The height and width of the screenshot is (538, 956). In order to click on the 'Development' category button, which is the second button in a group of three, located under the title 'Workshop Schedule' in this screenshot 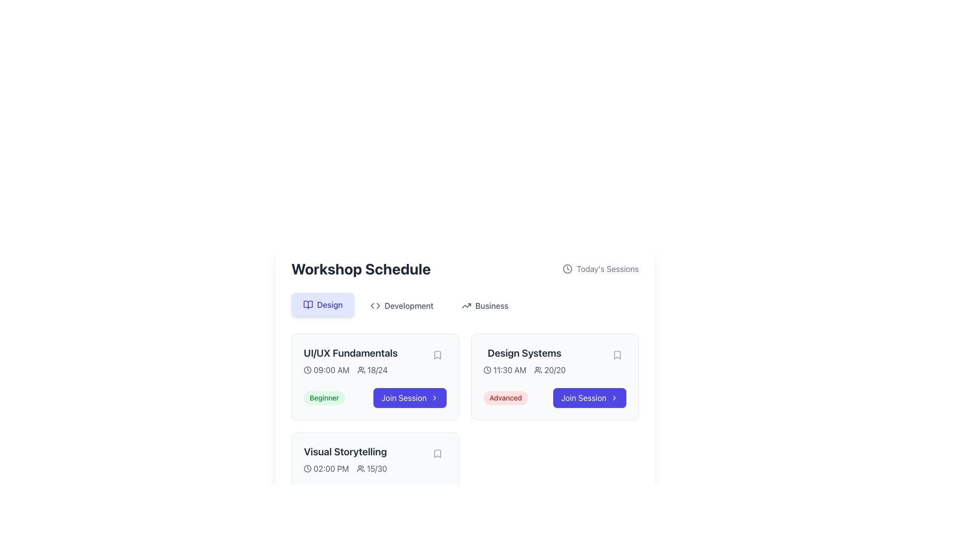, I will do `click(402, 305)`.